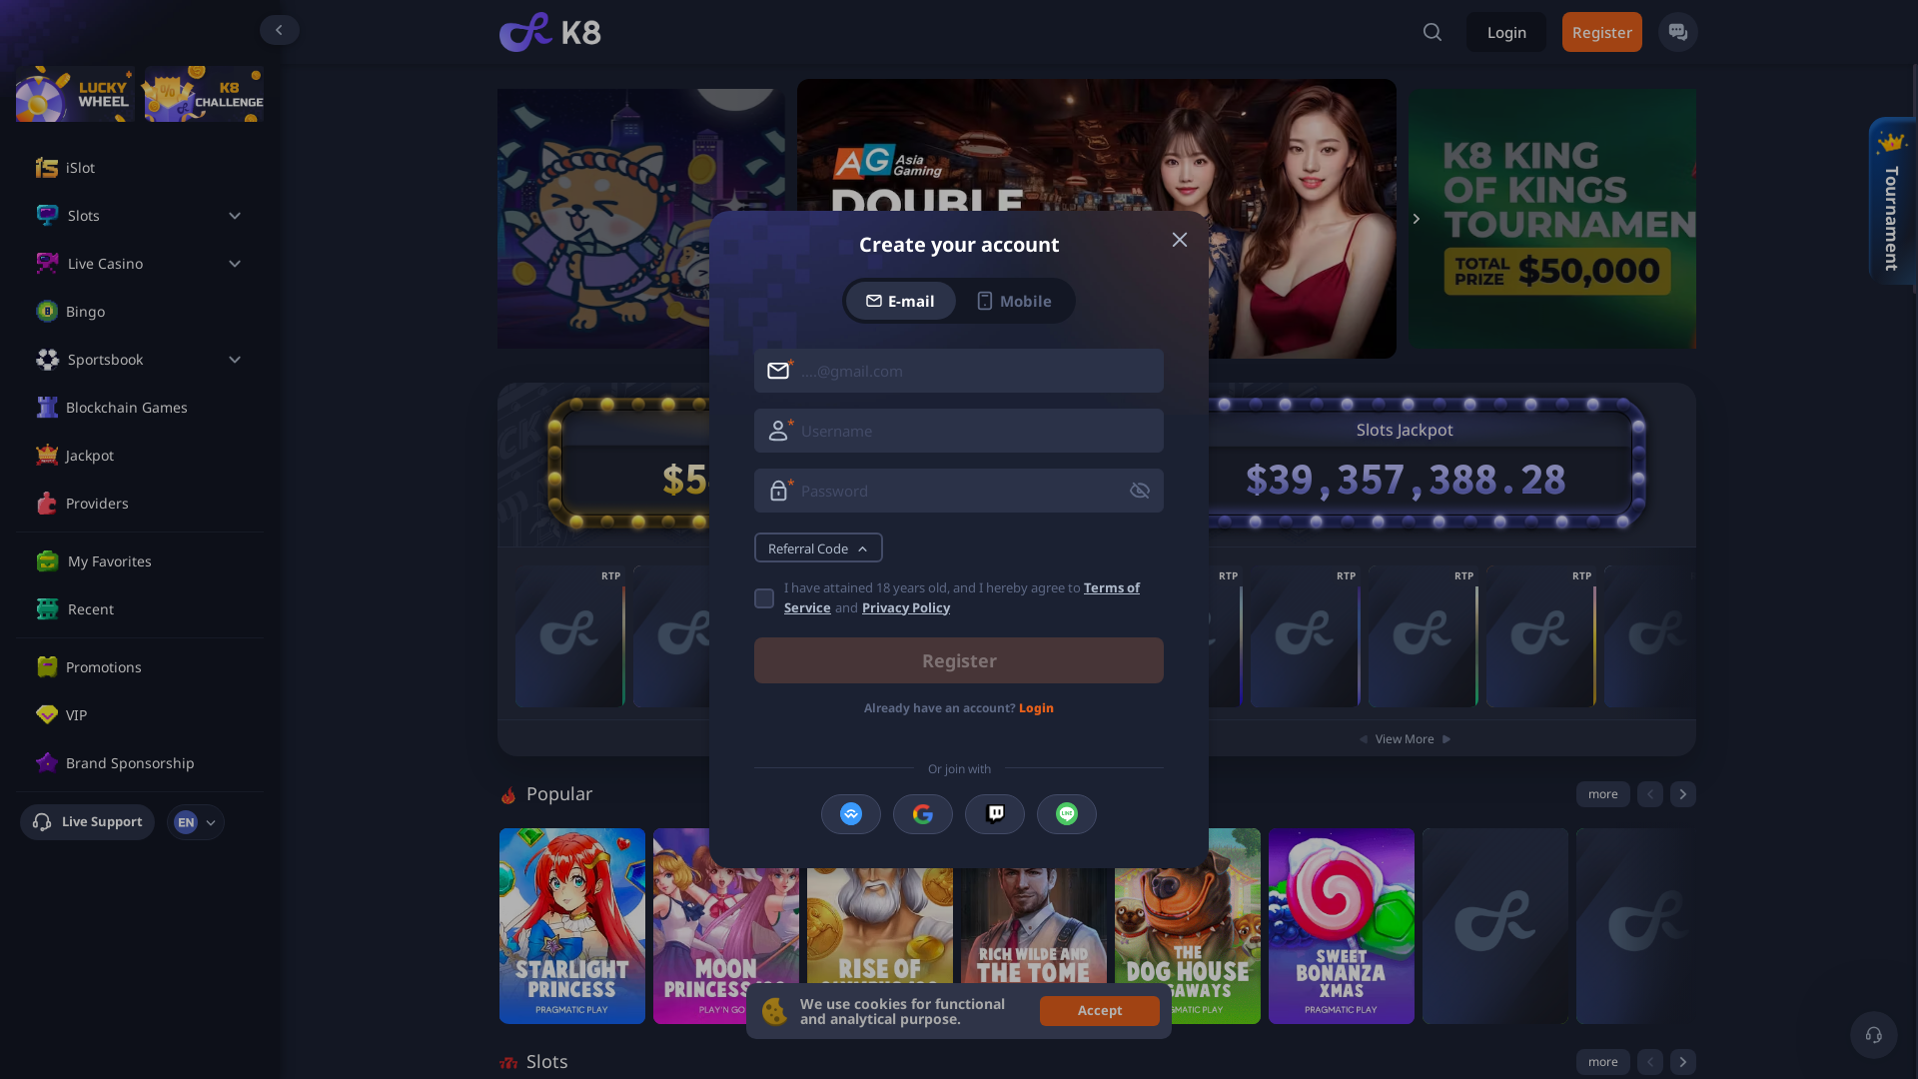  I want to click on 'Blockchain Games', so click(66, 407).